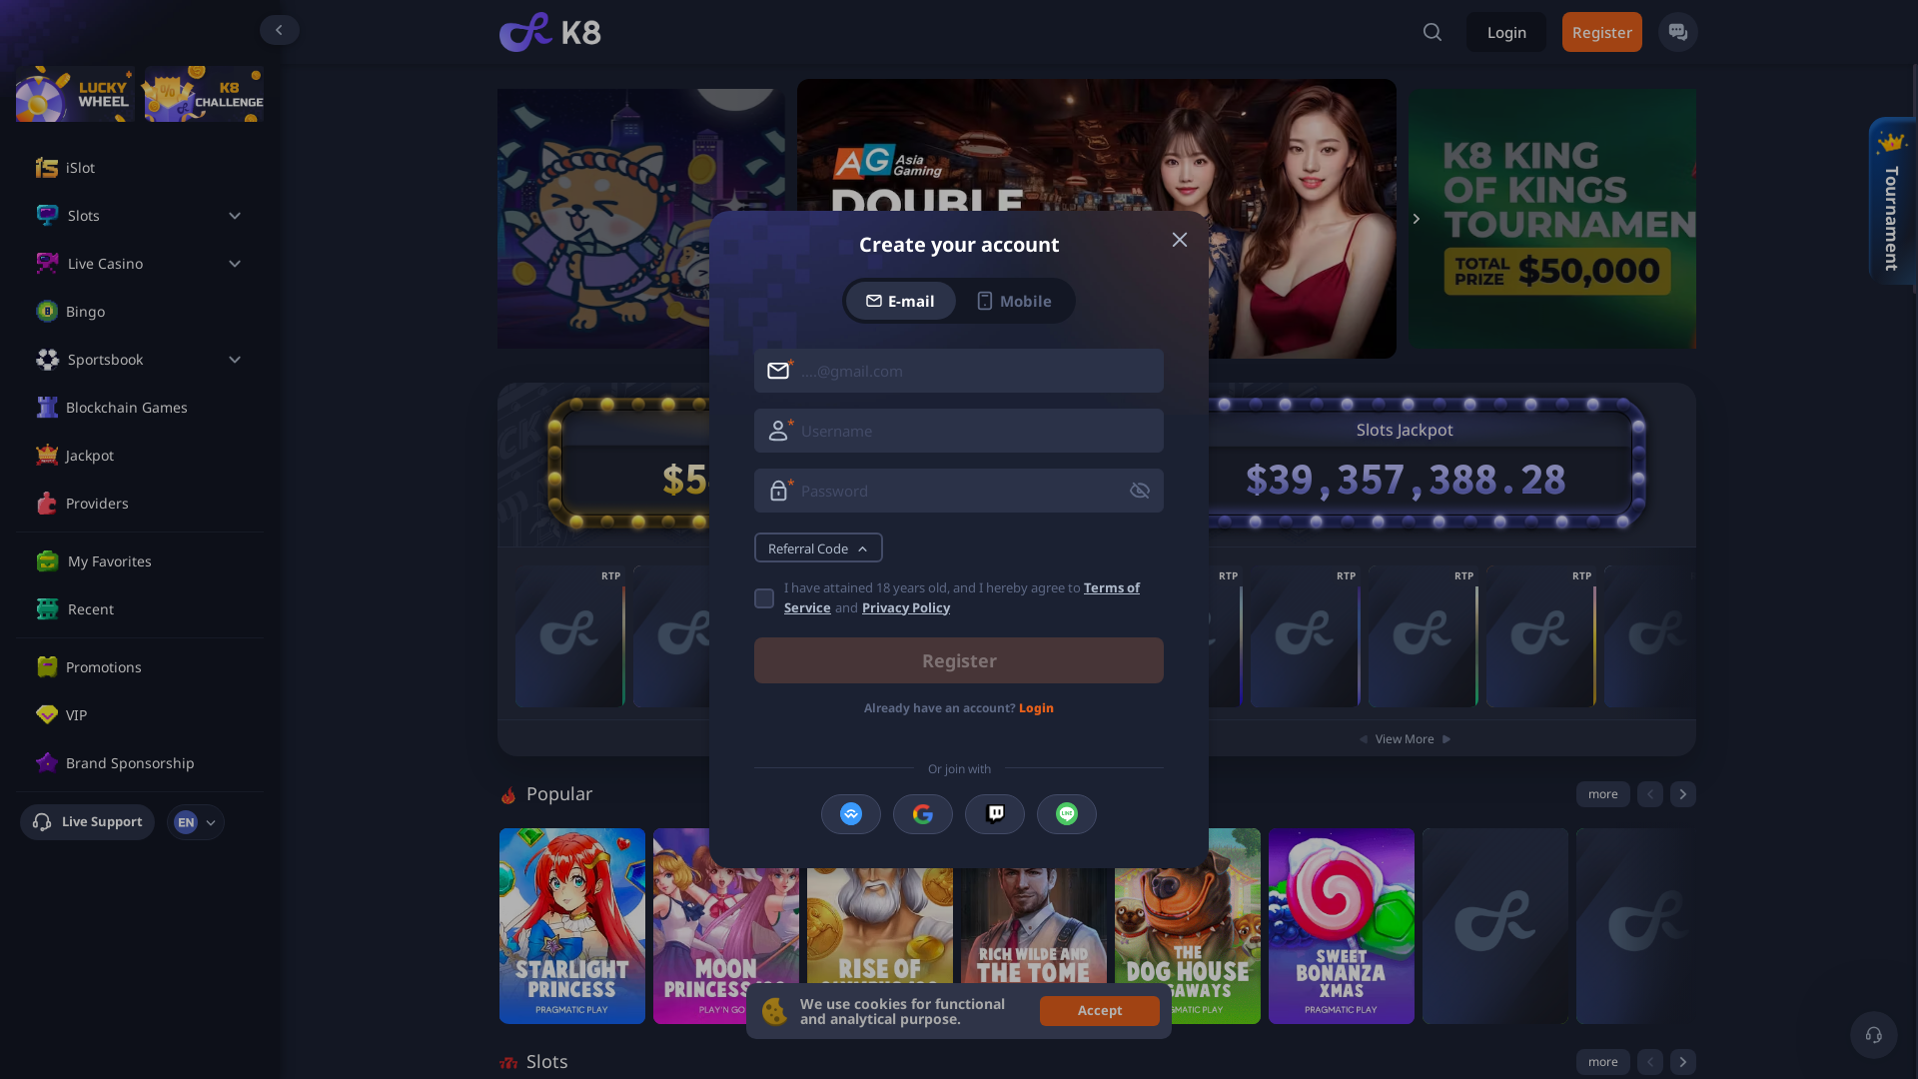  I want to click on 'Blockchain Games', so click(66, 407).